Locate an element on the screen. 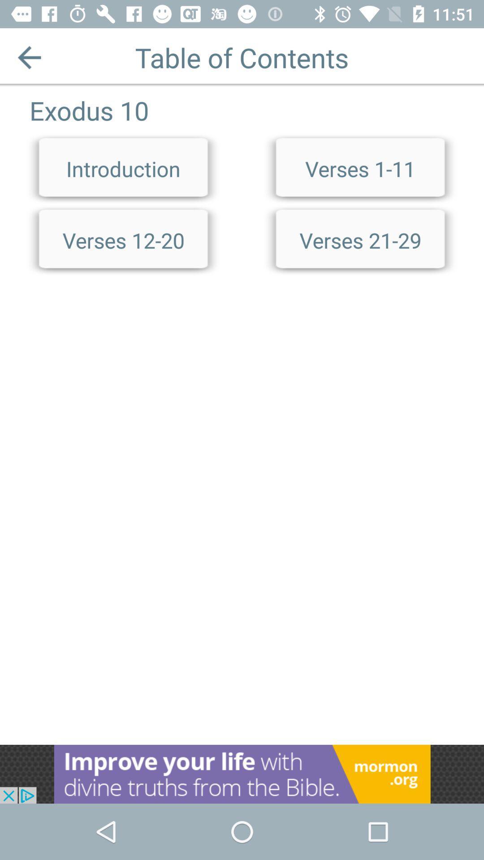 This screenshot has height=860, width=484. opens a advertisement is located at coordinates (242, 774).